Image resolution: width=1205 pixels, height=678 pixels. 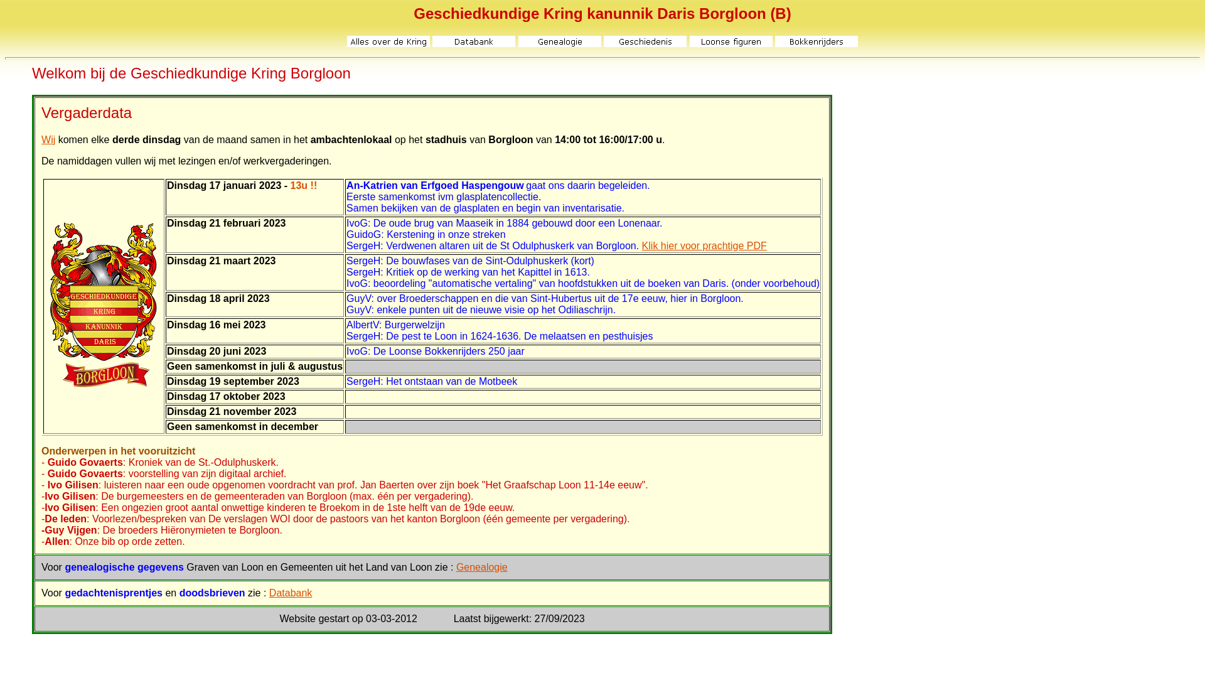 What do you see at coordinates (41, 139) in the screenshot?
I see `'Wij'` at bounding box center [41, 139].